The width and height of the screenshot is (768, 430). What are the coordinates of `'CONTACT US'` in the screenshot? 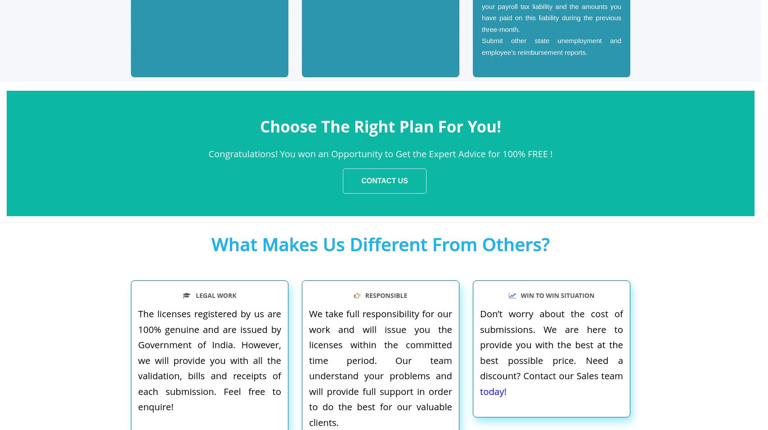 It's located at (384, 180).